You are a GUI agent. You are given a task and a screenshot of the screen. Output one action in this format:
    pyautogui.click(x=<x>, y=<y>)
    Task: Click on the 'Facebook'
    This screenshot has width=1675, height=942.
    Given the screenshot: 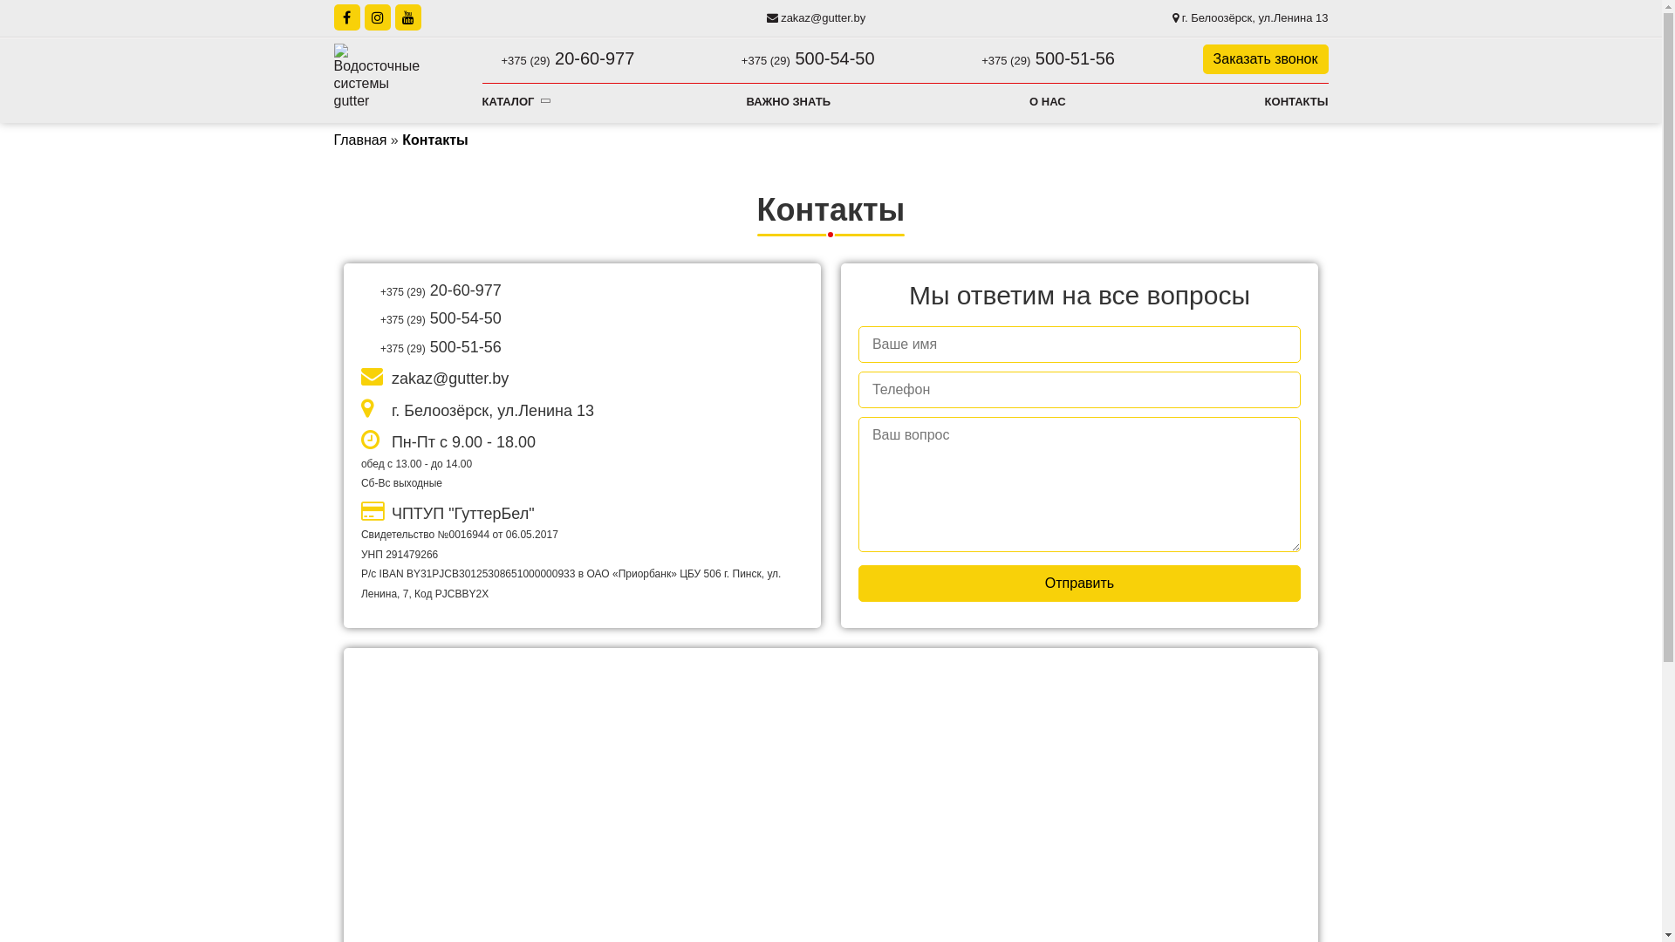 What is the action you would take?
    pyautogui.click(x=346, y=17)
    